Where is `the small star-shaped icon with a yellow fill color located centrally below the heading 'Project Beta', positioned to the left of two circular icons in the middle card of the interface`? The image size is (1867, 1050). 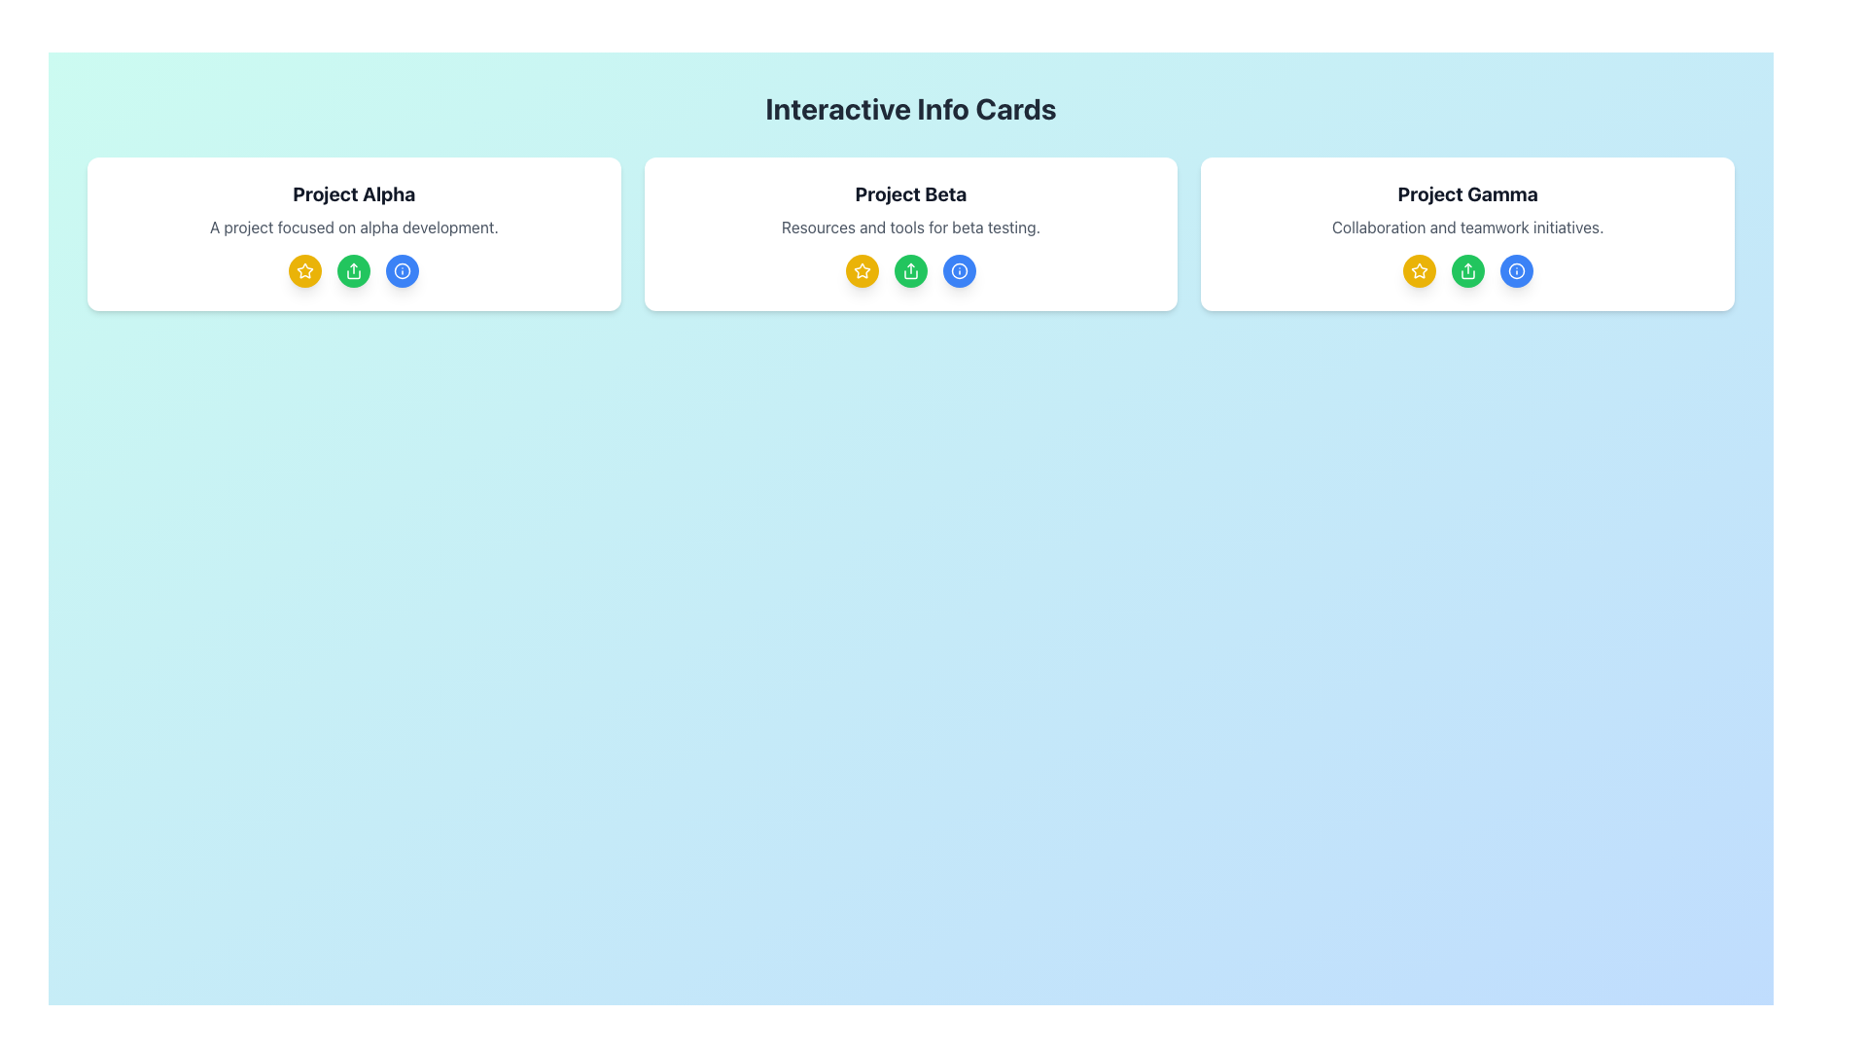
the small star-shaped icon with a yellow fill color located centrally below the heading 'Project Beta', positioned to the left of two circular icons in the middle card of the interface is located at coordinates (1419, 270).